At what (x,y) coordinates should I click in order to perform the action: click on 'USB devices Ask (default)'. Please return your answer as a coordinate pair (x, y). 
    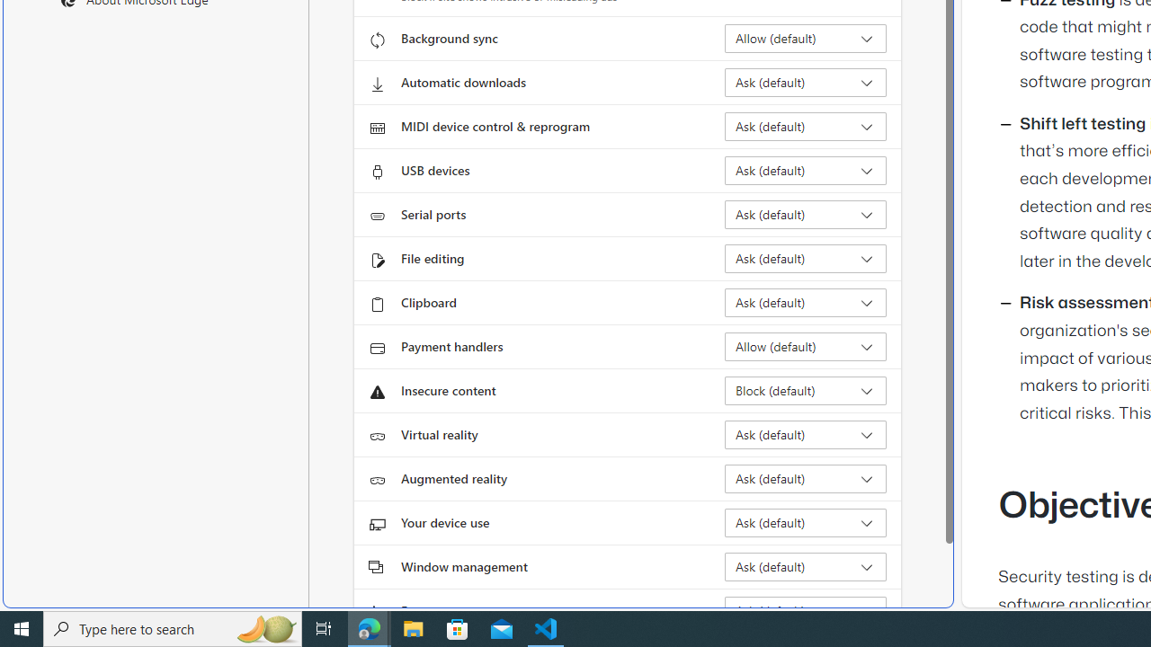
    Looking at the image, I should click on (805, 171).